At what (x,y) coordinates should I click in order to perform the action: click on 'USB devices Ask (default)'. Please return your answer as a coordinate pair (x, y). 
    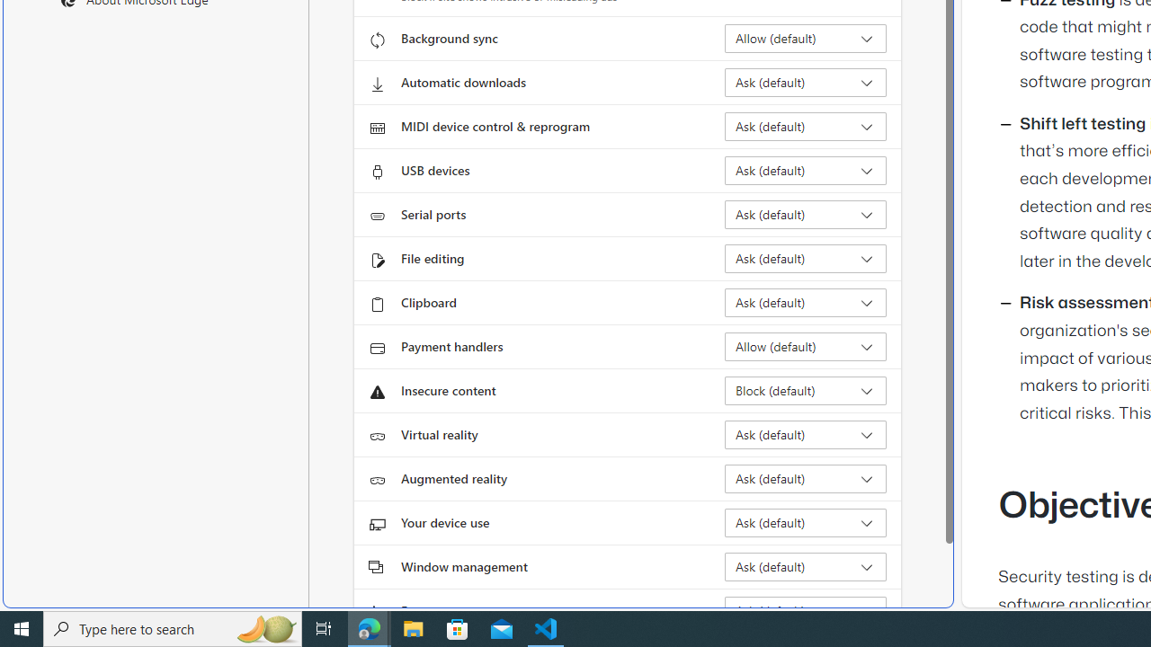
    Looking at the image, I should click on (805, 171).